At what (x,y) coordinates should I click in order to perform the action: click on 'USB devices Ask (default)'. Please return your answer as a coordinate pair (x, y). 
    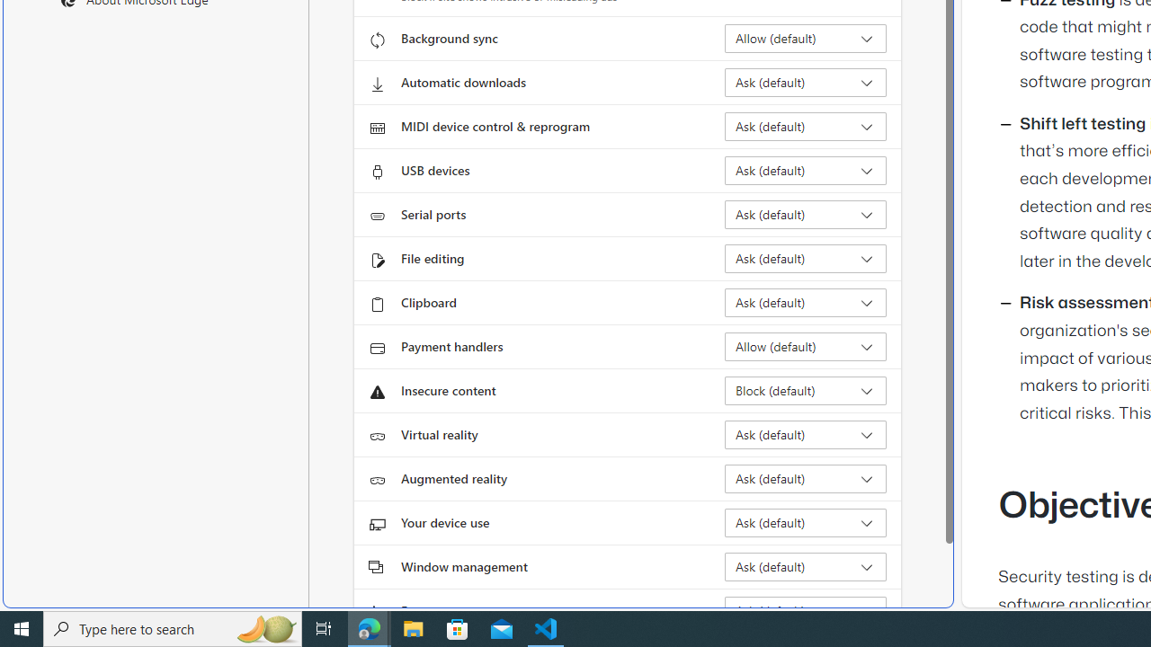
    Looking at the image, I should click on (805, 171).